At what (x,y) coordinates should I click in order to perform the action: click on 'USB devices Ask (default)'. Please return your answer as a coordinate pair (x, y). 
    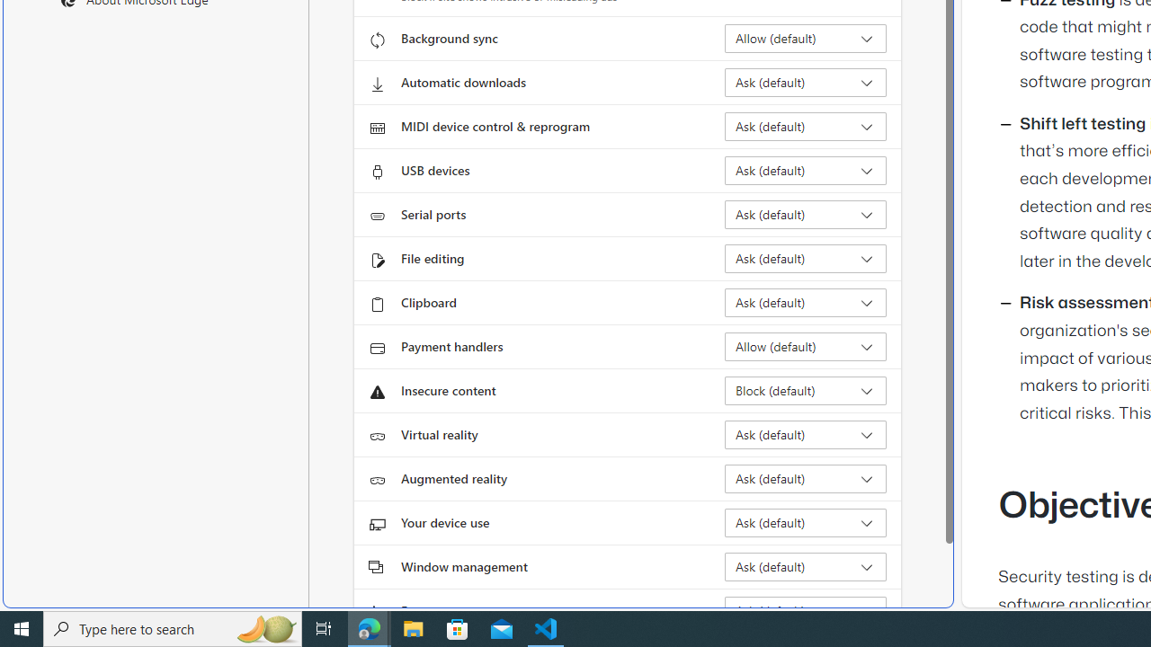
    Looking at the image, I should click on (805, 171).